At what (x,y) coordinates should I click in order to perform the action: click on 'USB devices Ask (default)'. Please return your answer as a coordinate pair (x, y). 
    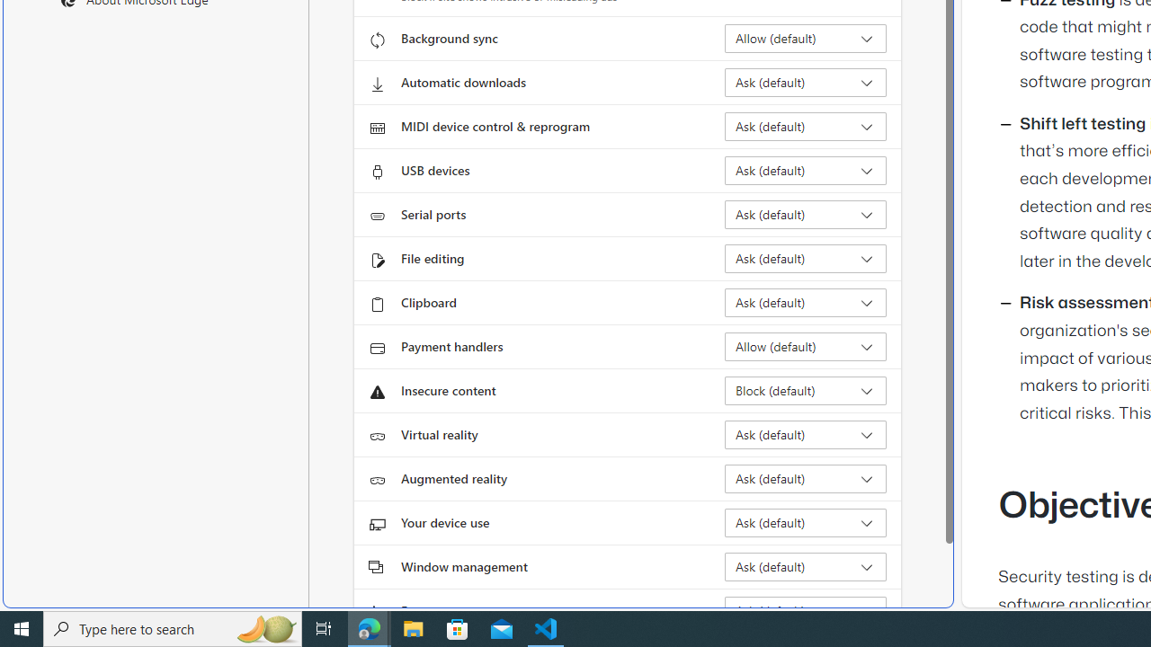
    Looking at the image, I should click on (805, 171).